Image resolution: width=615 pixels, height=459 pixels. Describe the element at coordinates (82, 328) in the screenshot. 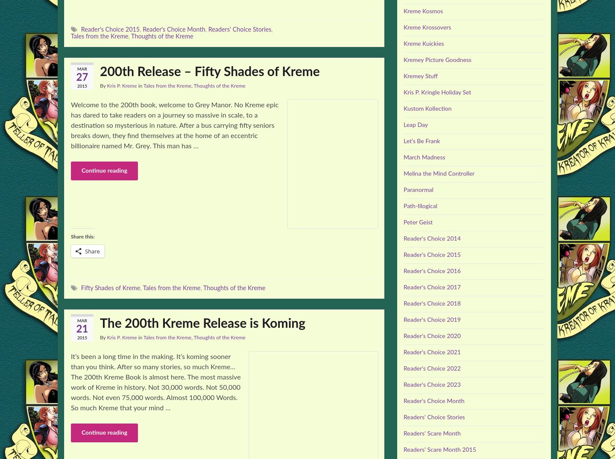

I see `'21'` at that location.